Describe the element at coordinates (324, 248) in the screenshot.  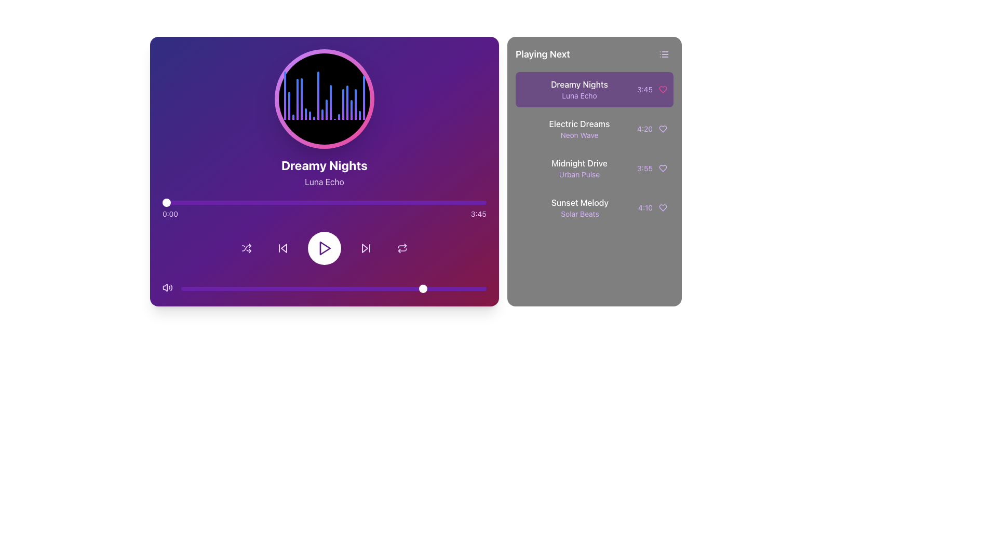
I see `the circular button with a white background and purple border that contains a purple play icon, located centrally in the controls section of the media player` at that location.